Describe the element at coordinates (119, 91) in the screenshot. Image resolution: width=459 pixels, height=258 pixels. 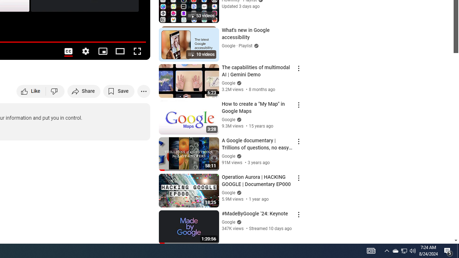
I see `'Save to playlist'` at that location.